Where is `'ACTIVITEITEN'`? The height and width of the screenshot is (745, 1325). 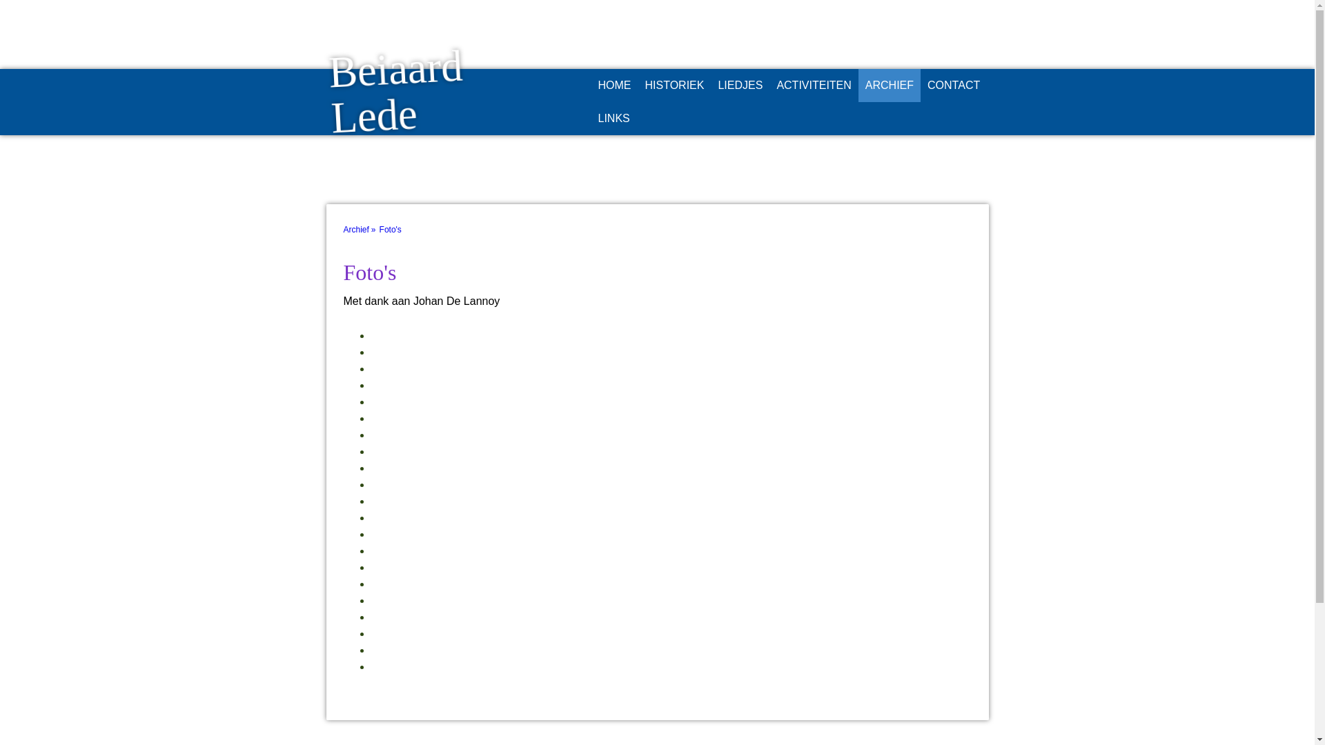 'ACTIVITEITEN' is located at coordinates (814, 85).